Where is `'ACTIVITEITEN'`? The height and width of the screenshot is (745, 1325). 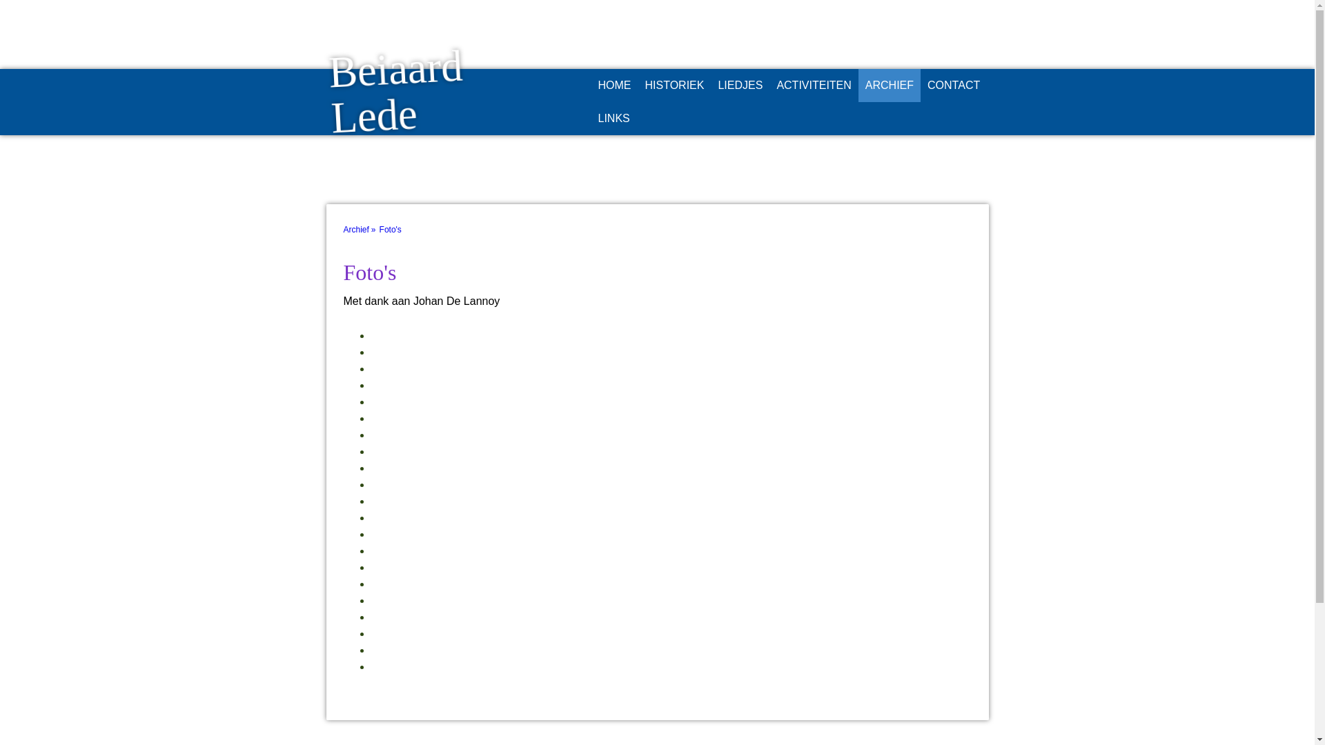 'ACTIVITEITEN' is located at coordinates (814, 85).